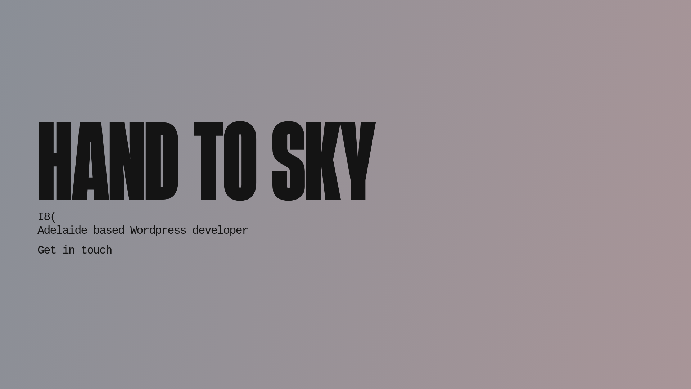 Image resolution: width=691 pixels, height=389 pixels. I want to click on 'Get in touch', so click(37, 247).